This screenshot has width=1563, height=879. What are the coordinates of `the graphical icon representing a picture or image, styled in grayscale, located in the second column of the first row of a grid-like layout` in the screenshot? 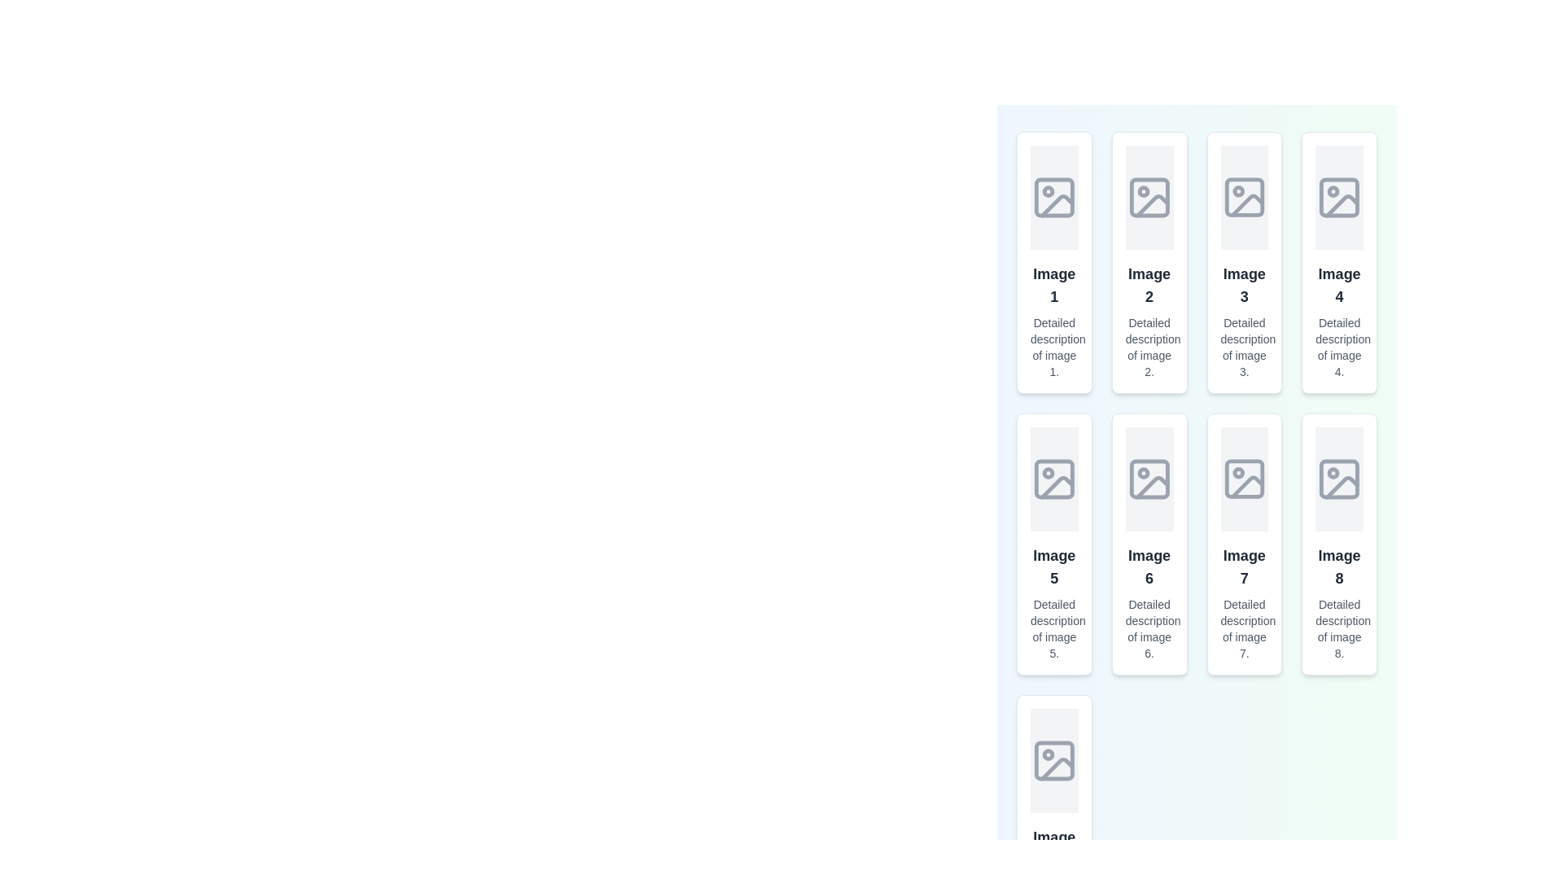 It's located at (1149, 197).